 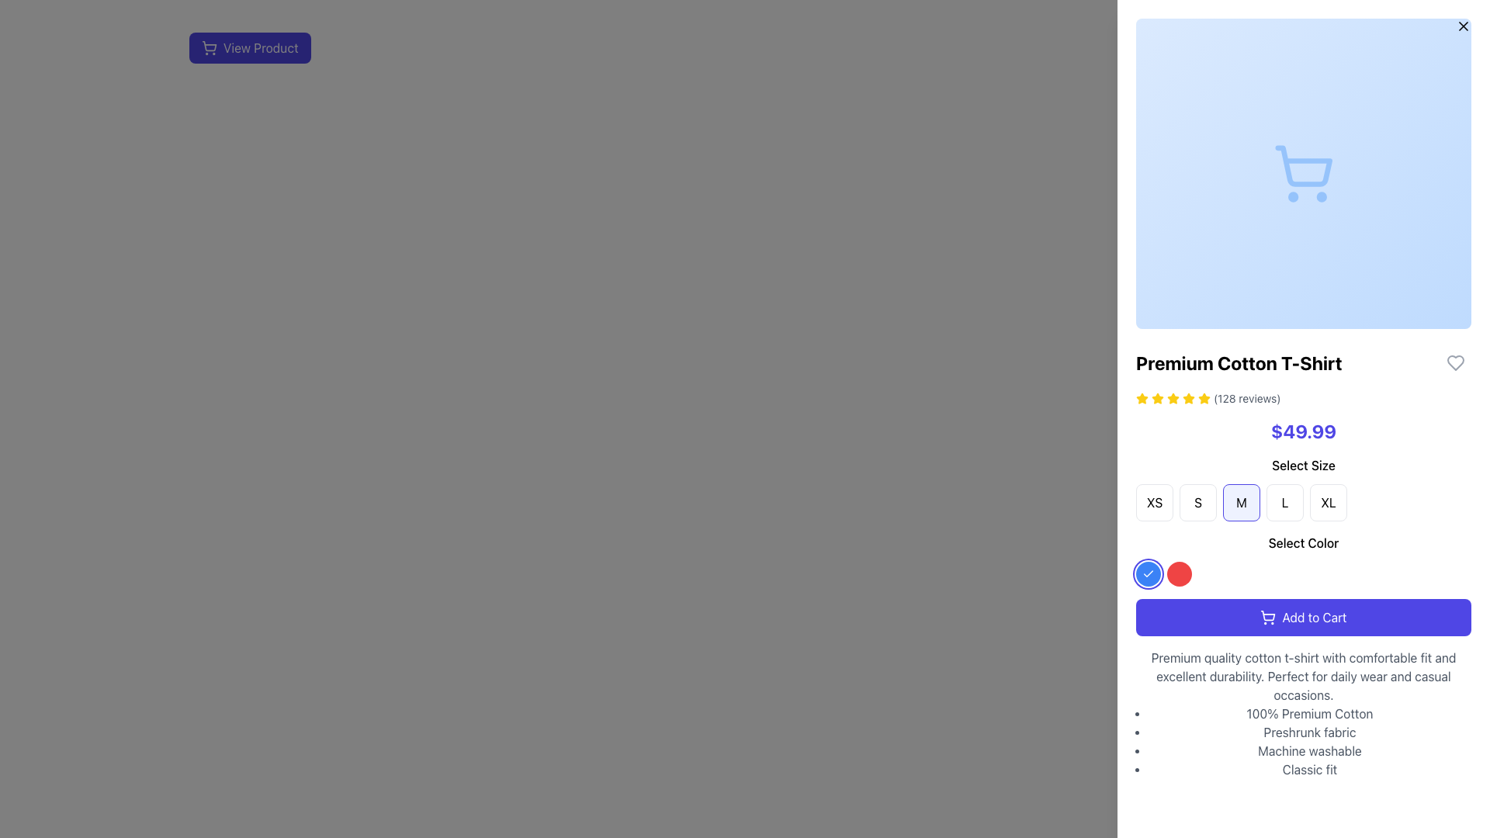 What do you see at coordinates (1304, 542) in the screenshot?
I see `the centrally positioned label that informs users about the color selection options below it` at bounding box center [1304, 542].